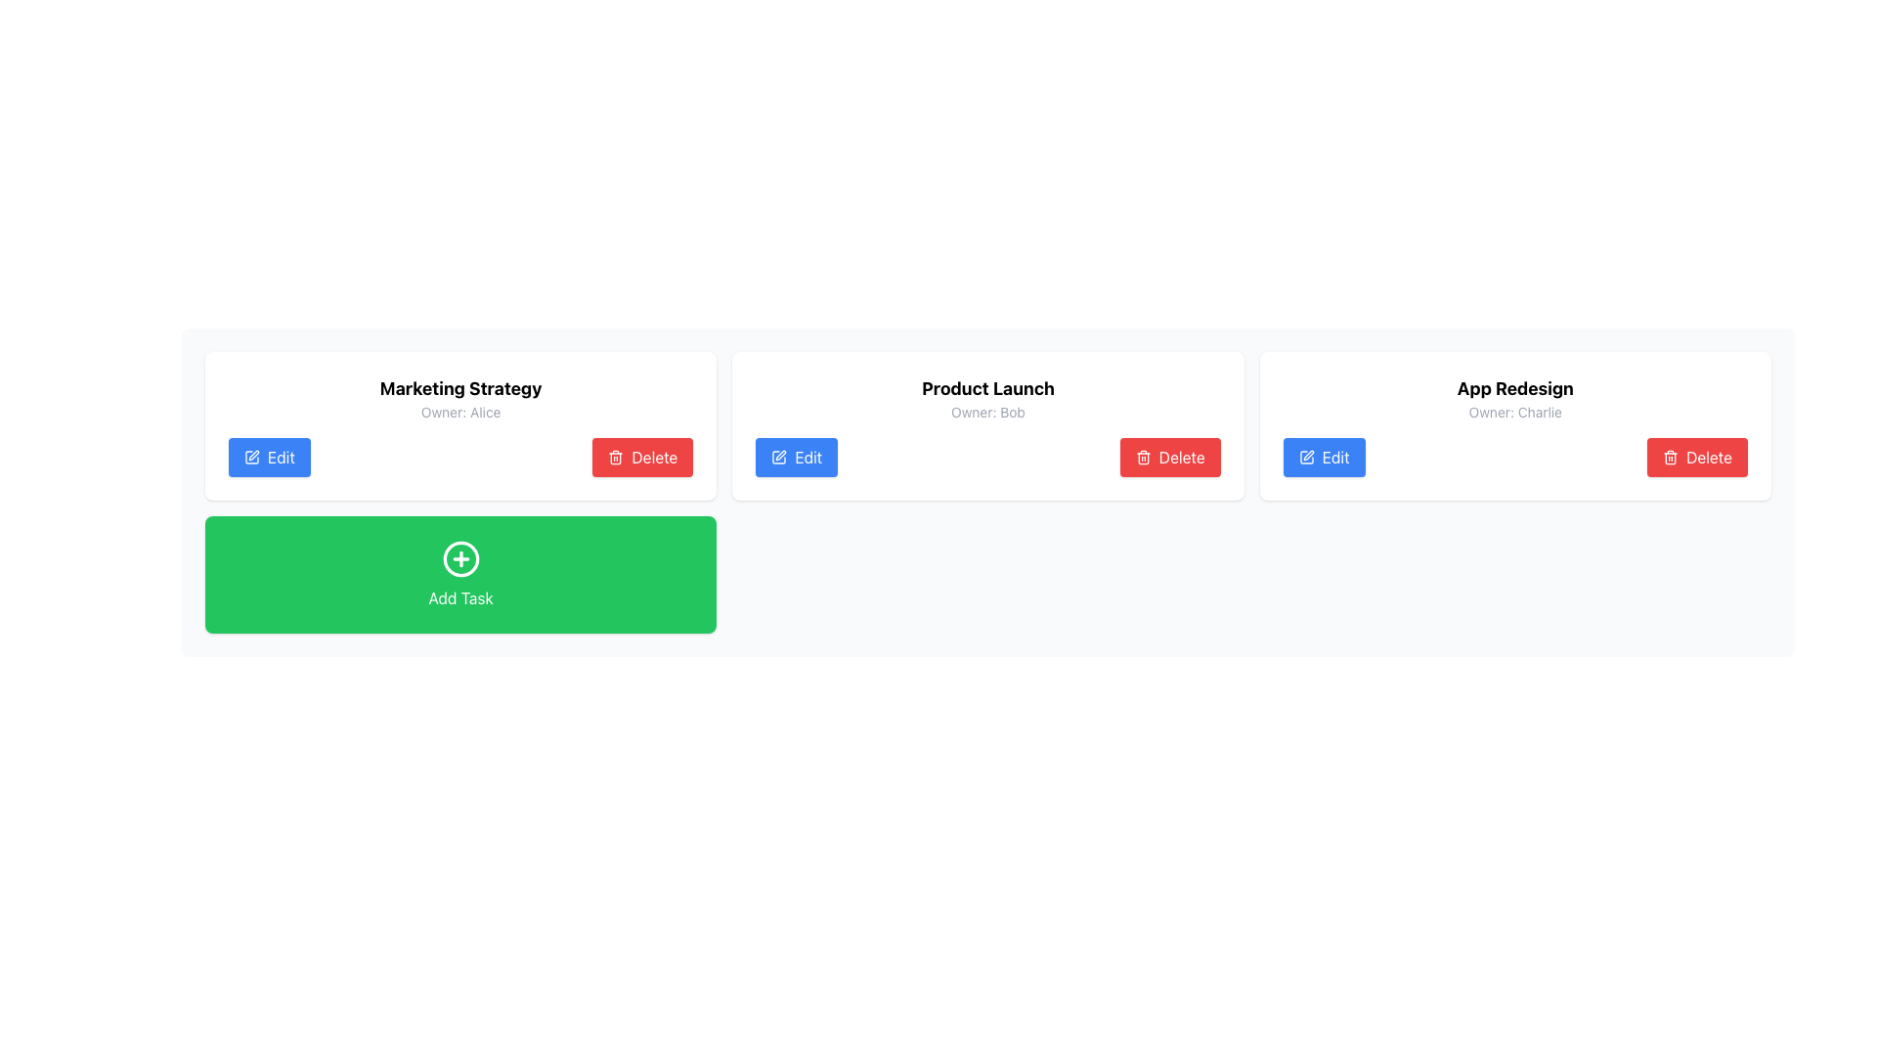 The width and height of the screenshot is (1877, 1056). Describe the element at coordinates (642, 457) in the screenshot. I see `the delete button located to the right of the blue 'Edit' button under the 'Marketing Strategy' section to observe its hover effect` at that location.